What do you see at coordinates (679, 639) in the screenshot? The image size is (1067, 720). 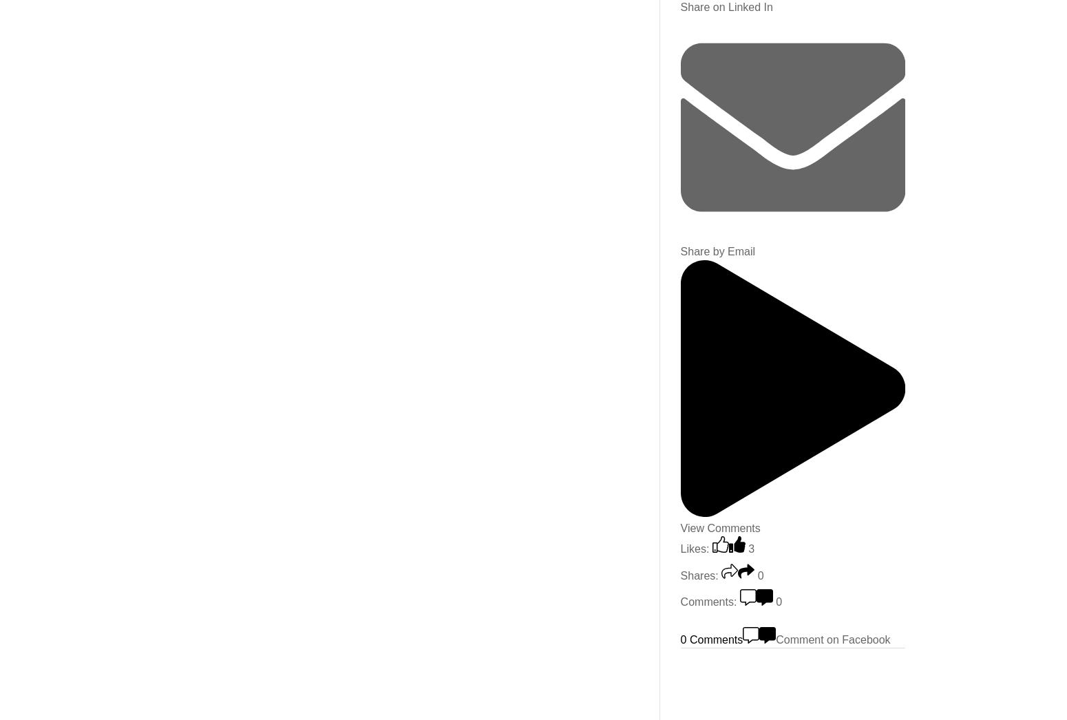 I see `'0 Comments'` at bounding box center [679, 639].